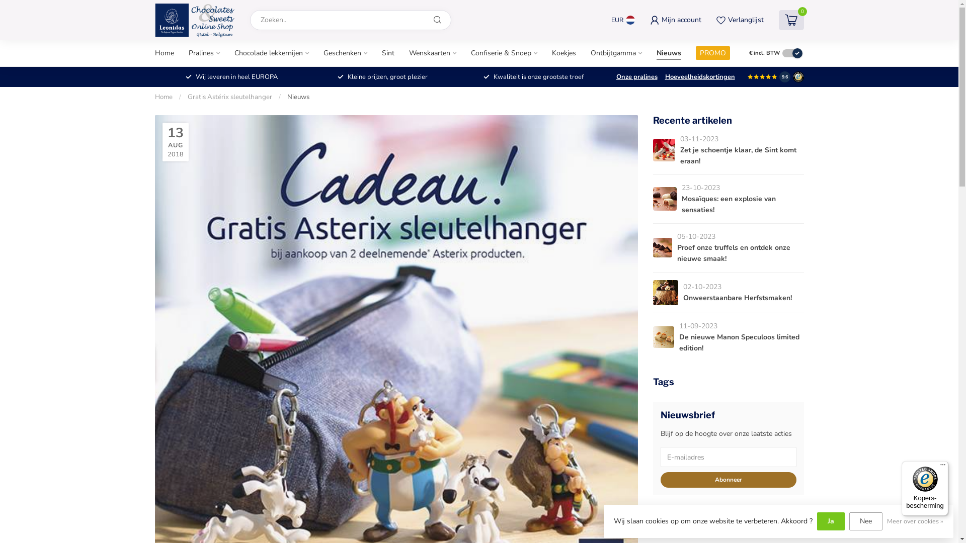 Image resolution: width=966 pixels, height=543 pixels. I want to click on 'Chocolade lekkernijen', so click(271, 53).